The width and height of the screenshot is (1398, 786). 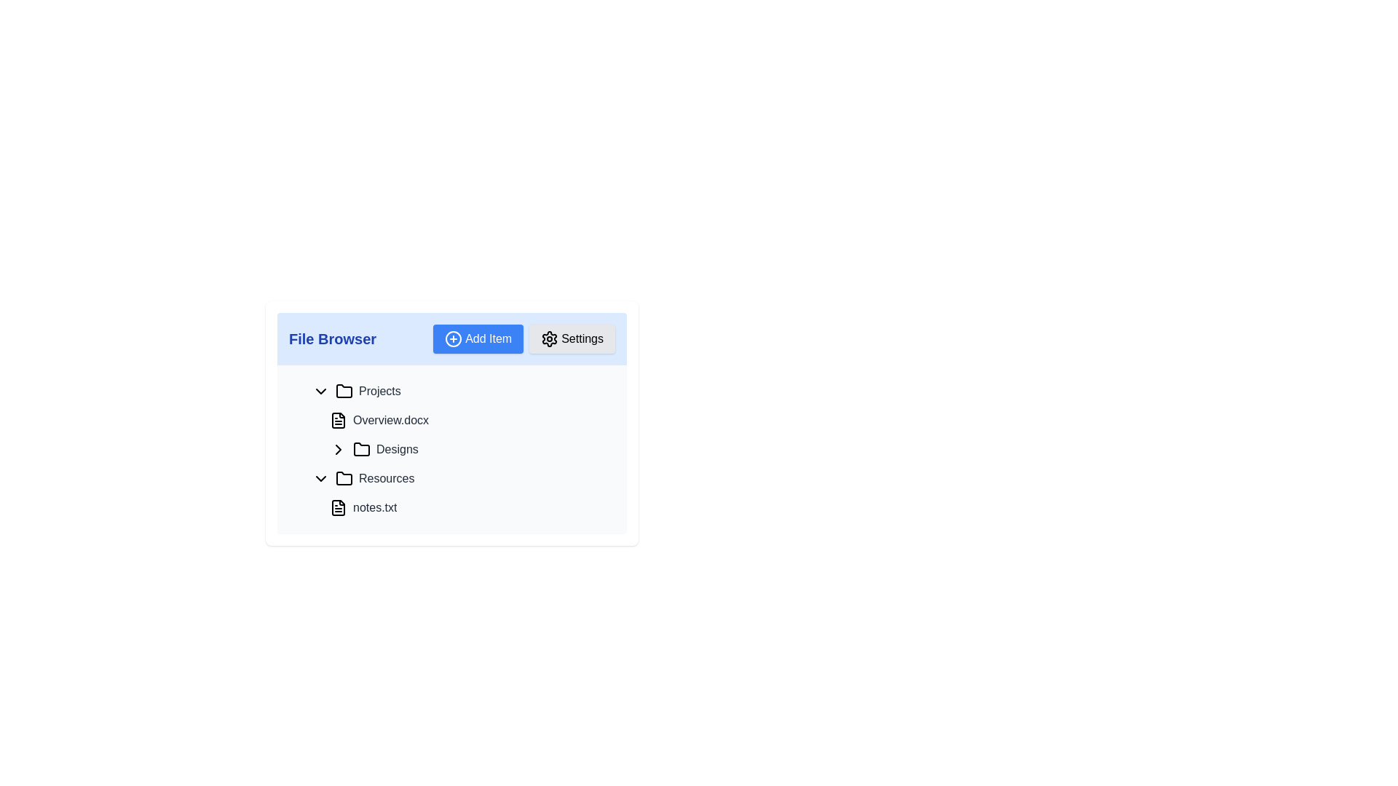 I want to click on the folder icon representing the 'Resources' section, located to the left of the text 'Resources.', so click(x=344, y=479).